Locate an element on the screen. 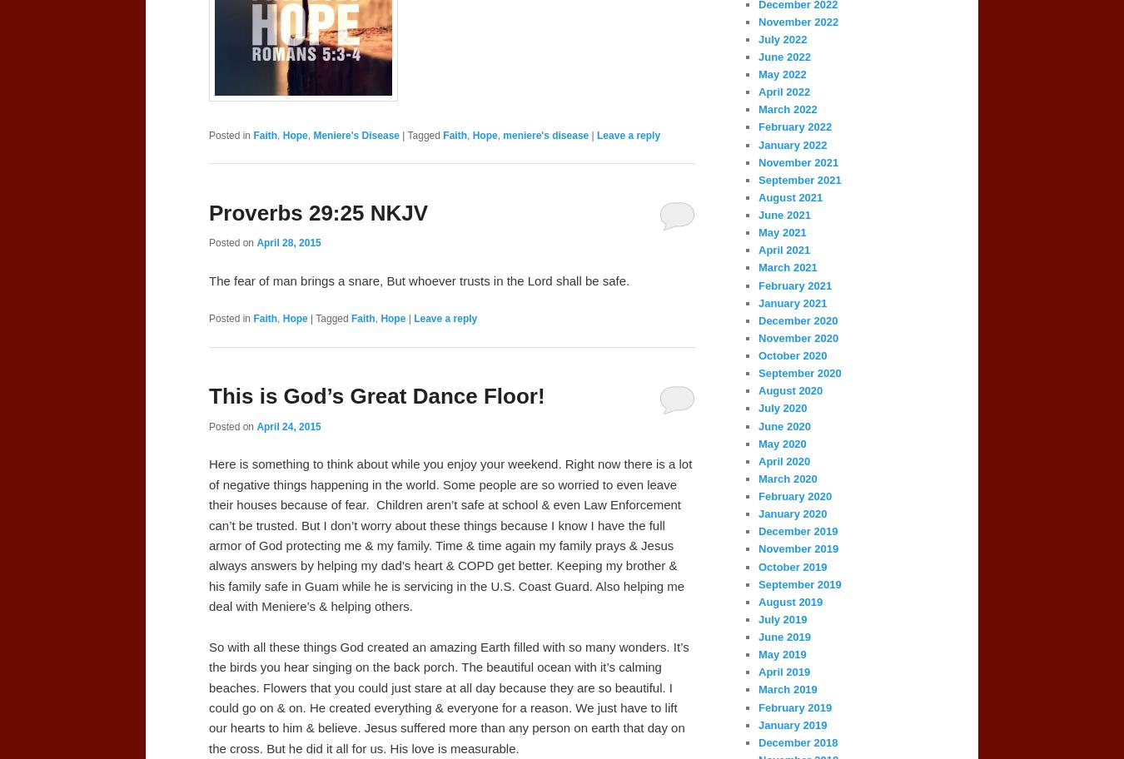  'April 2019' is located at coordinates (783, 671).